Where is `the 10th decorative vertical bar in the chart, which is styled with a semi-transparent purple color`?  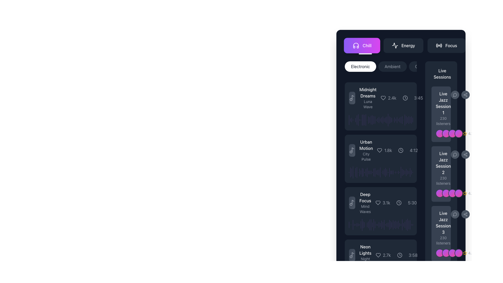 the 10th decorative vertical bar in the chart, which is styled with a semi-transparent purple color is located at coordinates (360, 172).